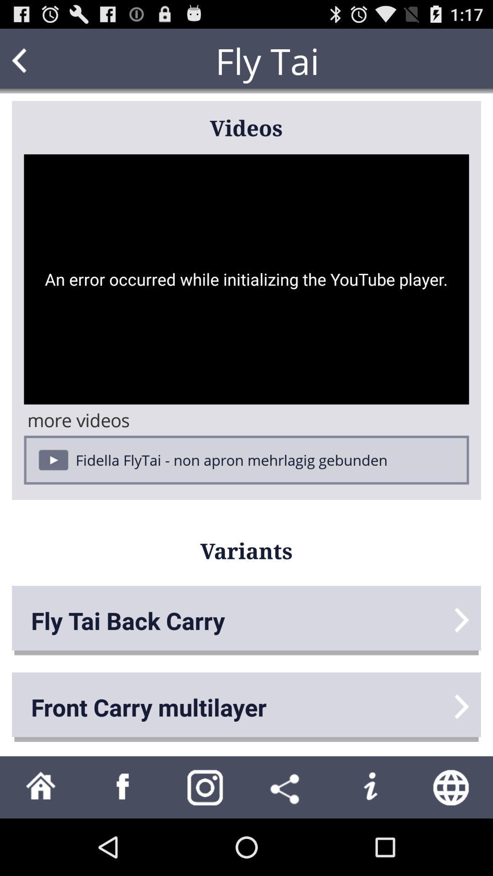  I want to click on home button, so click(40, 787).